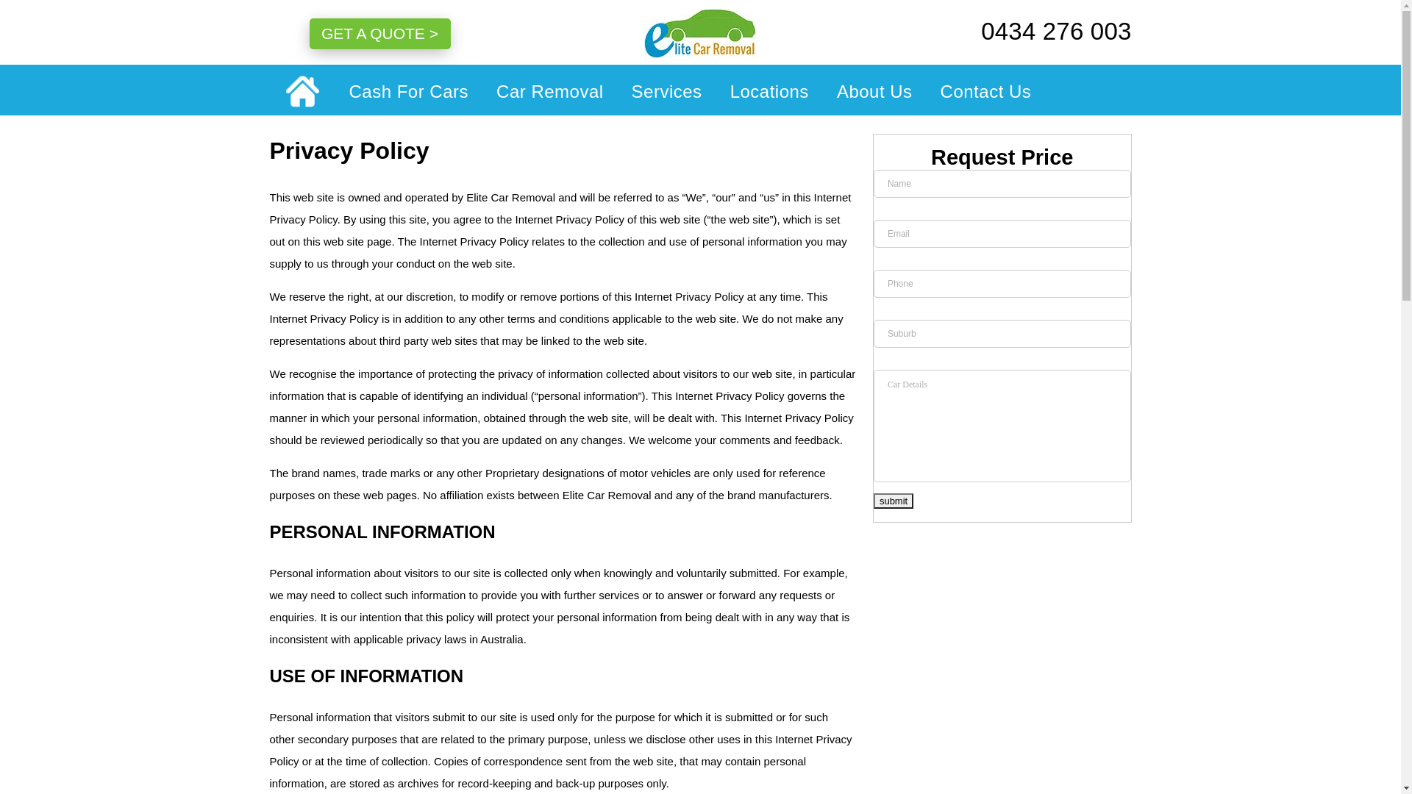  Describe the element at coordinates (379, 33) in the screenshot. I see `'GET A QUOTE >'` at that location.